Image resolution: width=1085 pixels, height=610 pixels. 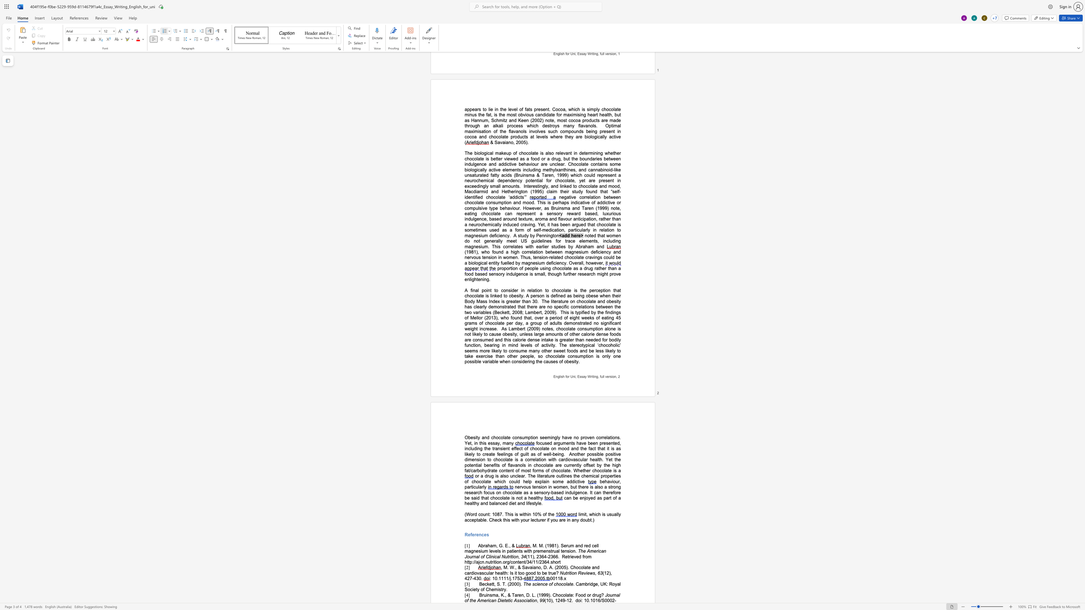 What do you see at coordinates (546, 600) in the screenshot?
I see `the space between the continuous character "(" and "1" in the text` at bounding box center [546, 600].